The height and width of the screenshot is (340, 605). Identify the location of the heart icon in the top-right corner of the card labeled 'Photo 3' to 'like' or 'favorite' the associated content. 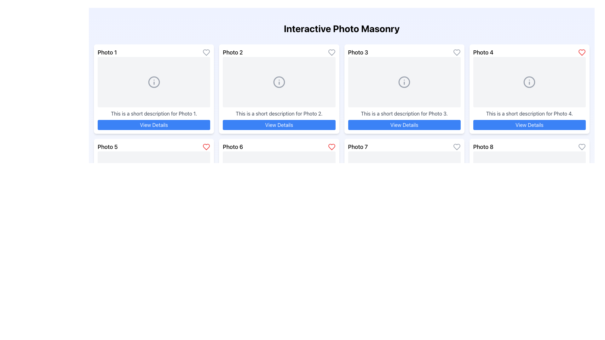
(457, 52).